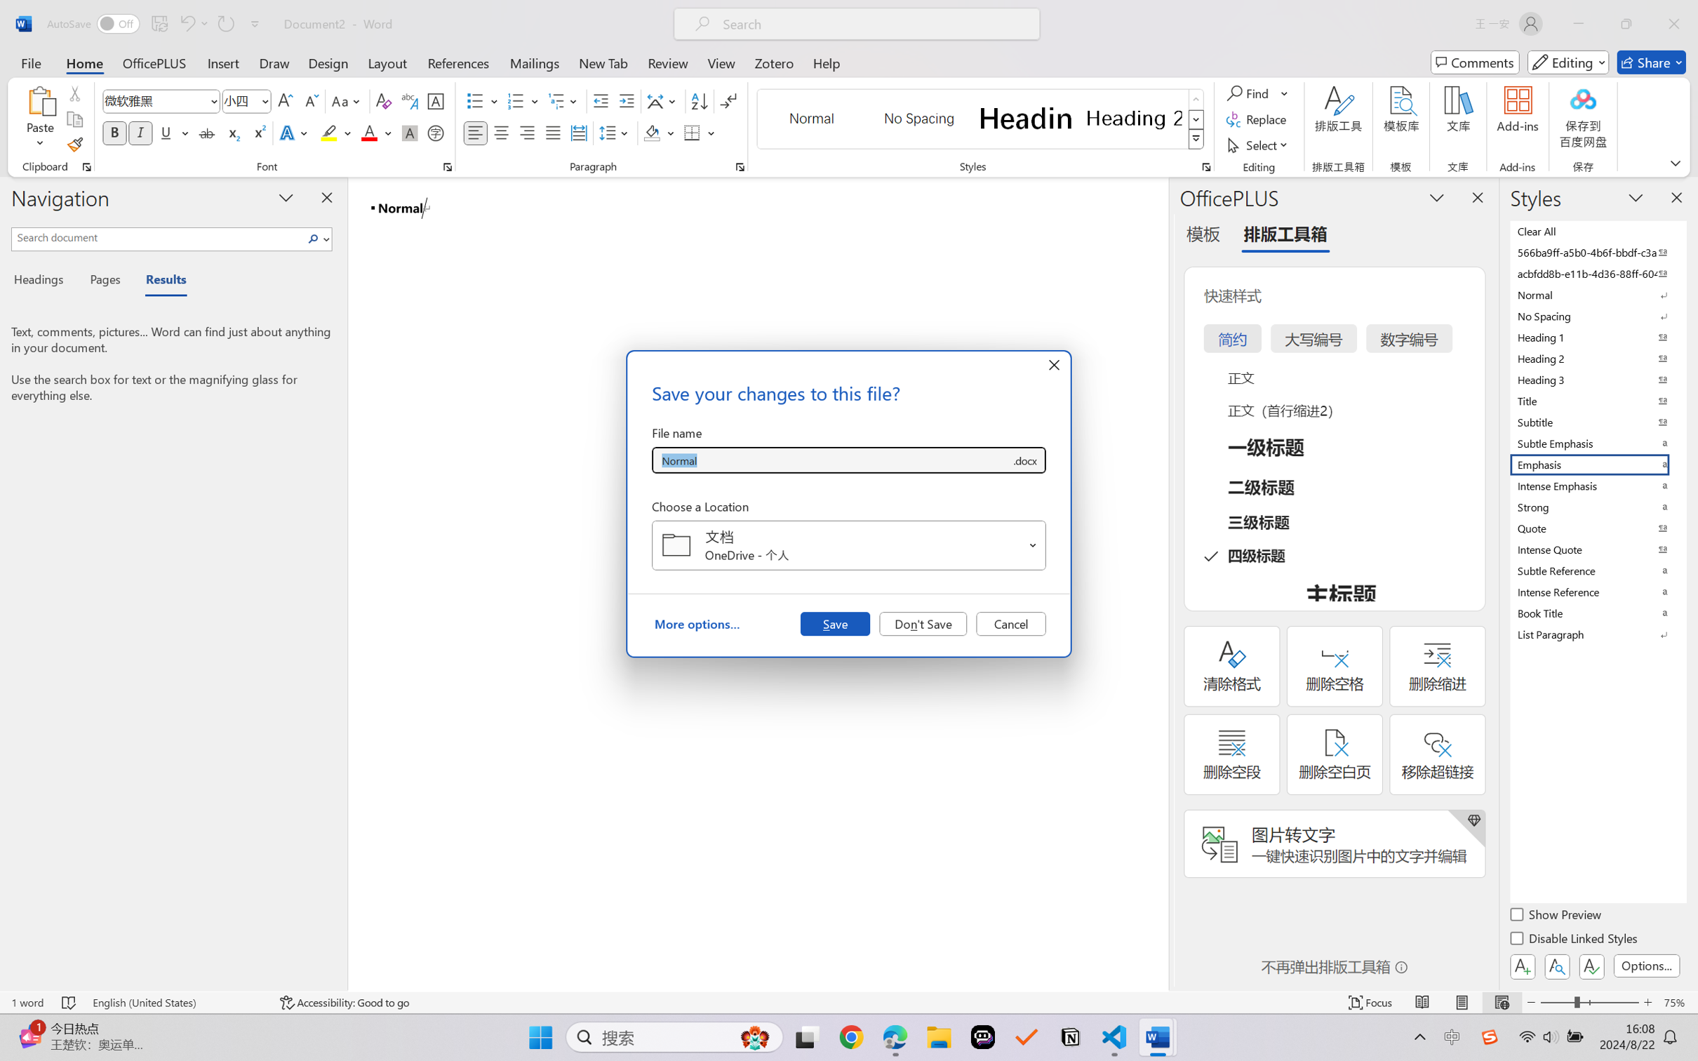 The image size is (1698, 1061). What do you see at coordinates (1475, 62) in the screenshot?
I see `'Comments'` at bounding box center [1475, 62].